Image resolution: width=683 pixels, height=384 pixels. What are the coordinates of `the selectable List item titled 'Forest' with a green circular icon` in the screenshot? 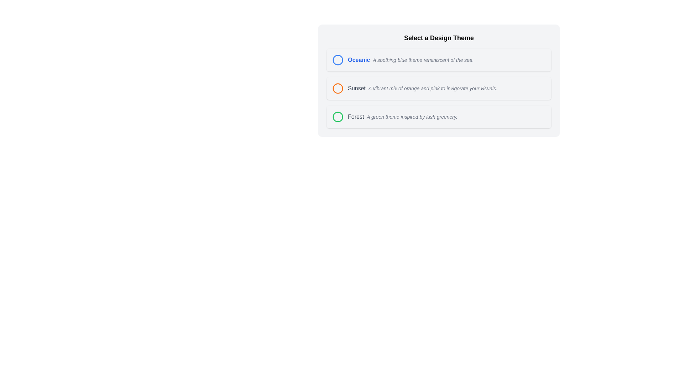 It's located at (394, 116).